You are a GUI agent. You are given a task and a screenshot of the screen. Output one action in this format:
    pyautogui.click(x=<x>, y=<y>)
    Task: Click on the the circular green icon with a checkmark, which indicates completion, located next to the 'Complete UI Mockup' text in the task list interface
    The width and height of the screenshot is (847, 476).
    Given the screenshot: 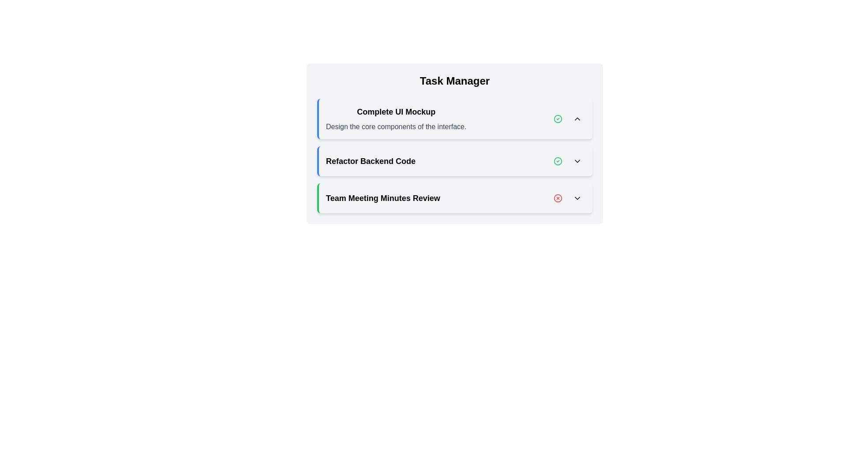 What is the action you would take?
    pyautogui.click(x=558, y=119)
    